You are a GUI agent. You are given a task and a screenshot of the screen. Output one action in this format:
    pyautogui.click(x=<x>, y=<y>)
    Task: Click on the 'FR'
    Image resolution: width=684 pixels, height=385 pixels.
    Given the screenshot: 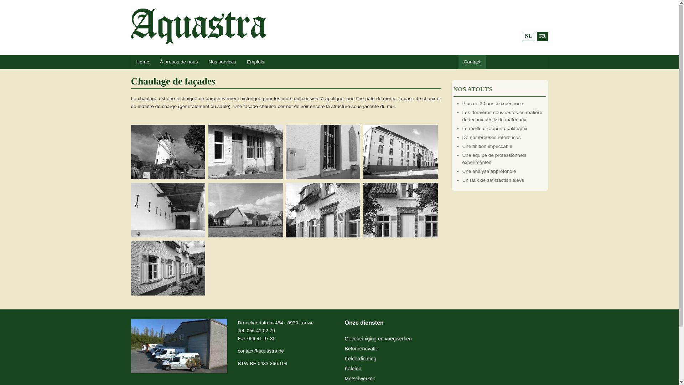 What is the action you would take?
    pyautogui.click(x=541, y=36)
    